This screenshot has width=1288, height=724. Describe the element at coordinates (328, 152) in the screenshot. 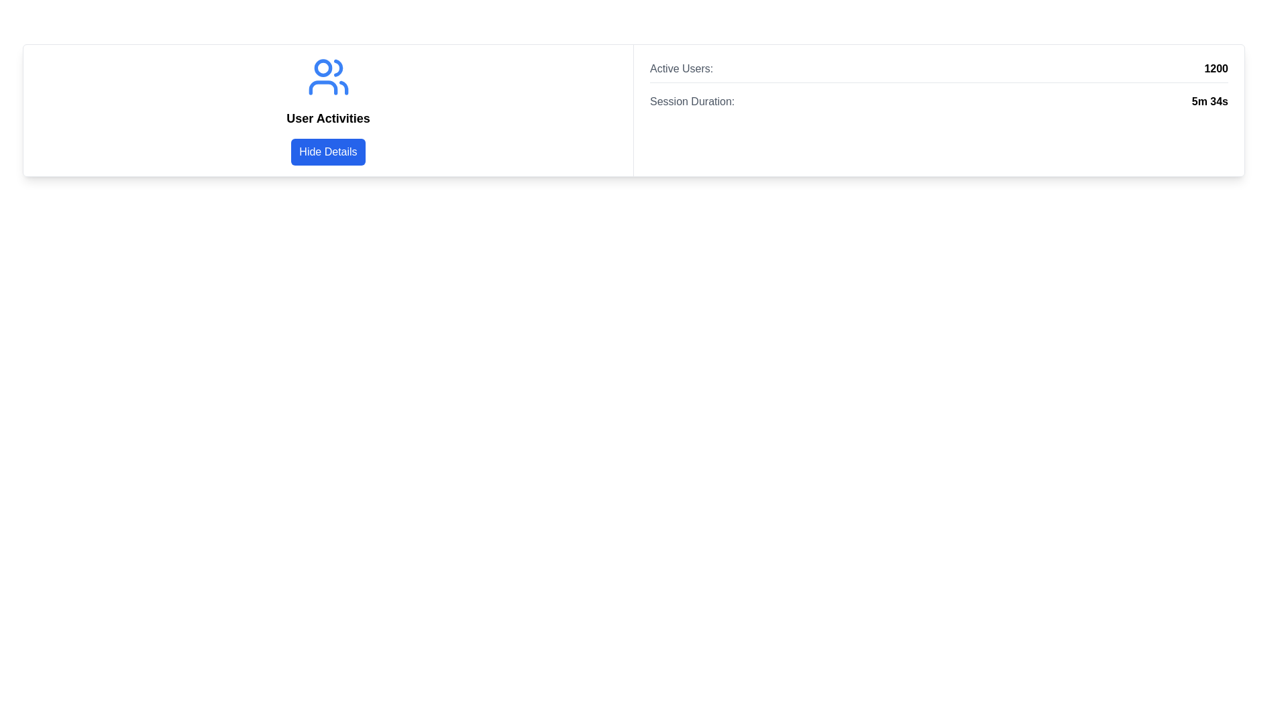

I see `the 'Hide Details' button, which is a rounded rectangular button with white text on a blue background, located beneath the 'User Activities' heading` at that location.